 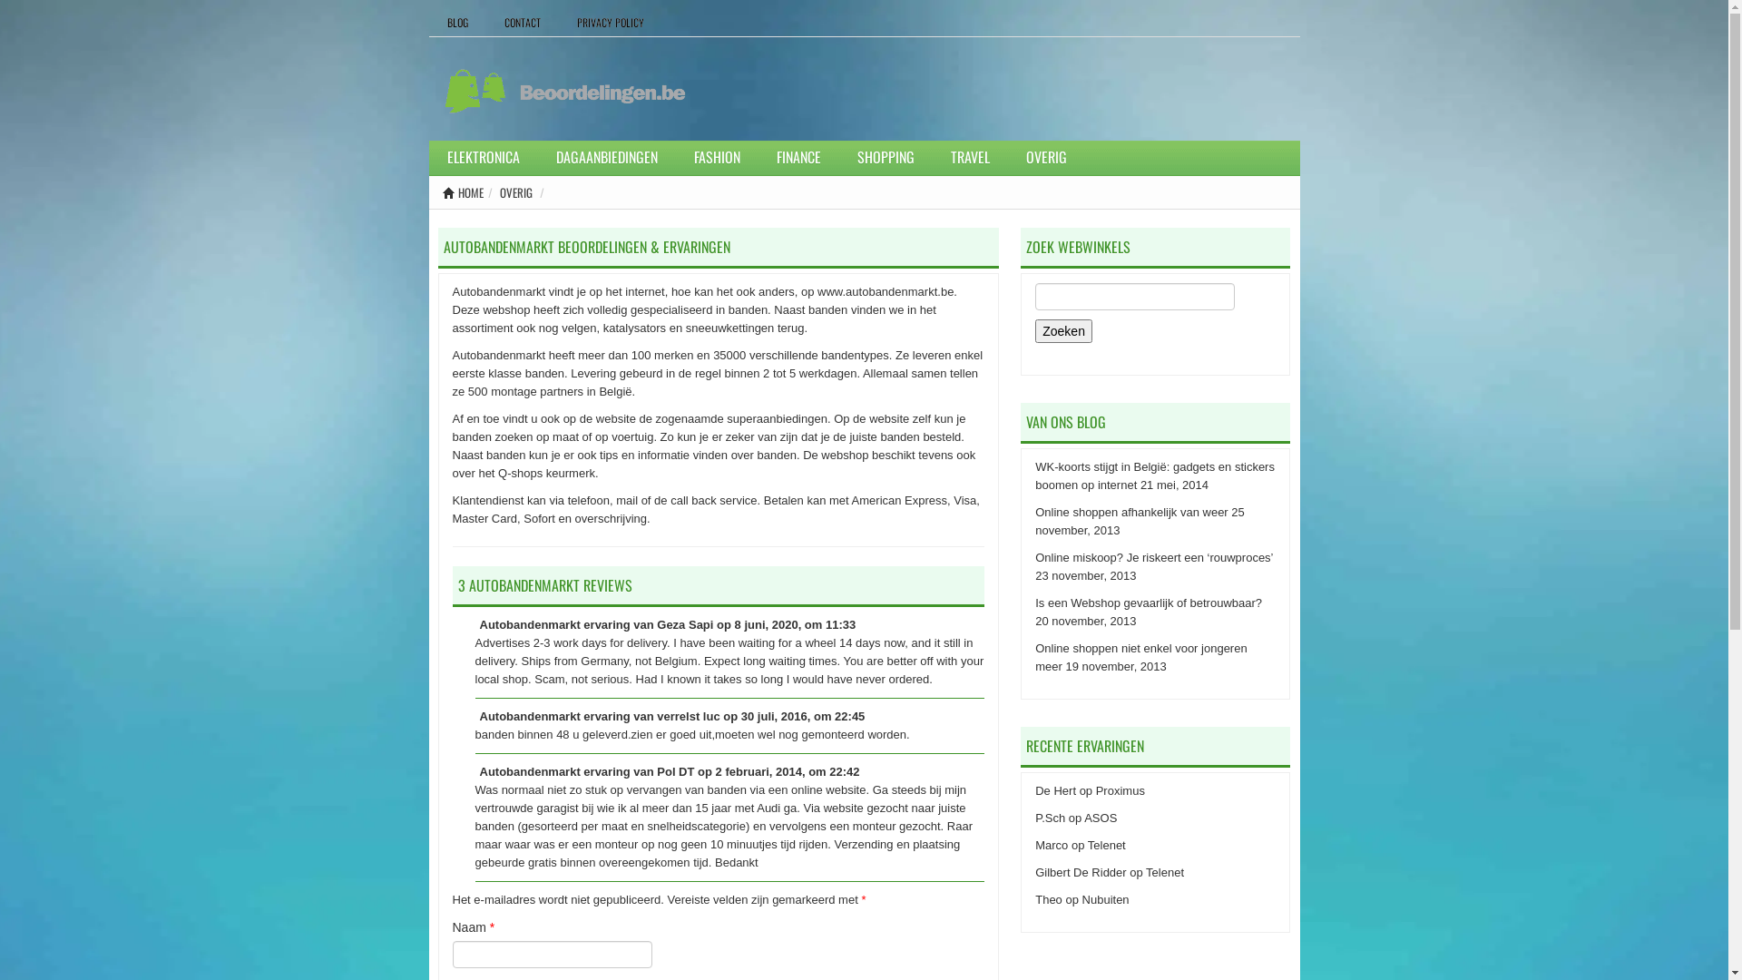 I want to click on 'DAGAANBIEDINGEN', so click(x=605, y=156).